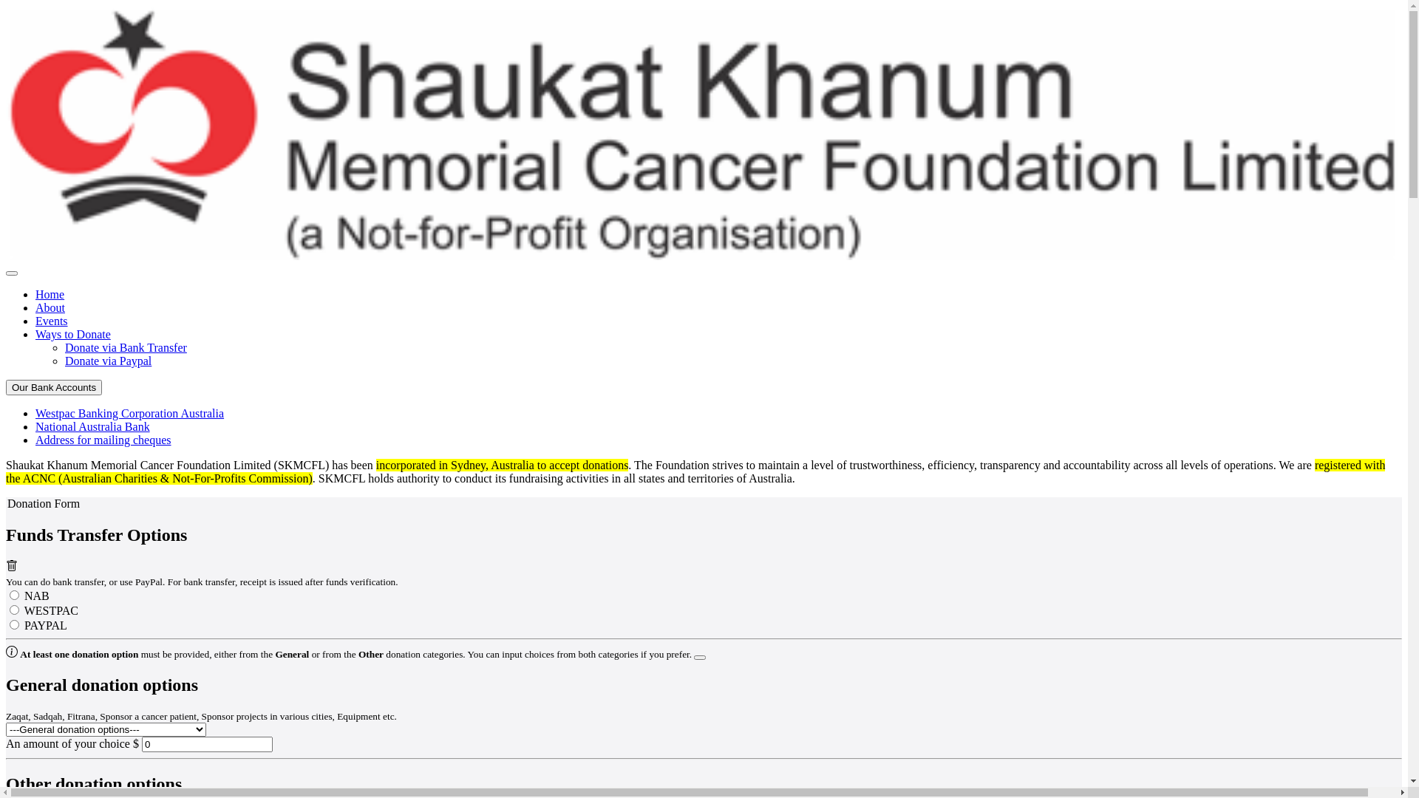 This screenshot has width=1419, height=798. I want to click on 'Clear selection', so click(11, 567).